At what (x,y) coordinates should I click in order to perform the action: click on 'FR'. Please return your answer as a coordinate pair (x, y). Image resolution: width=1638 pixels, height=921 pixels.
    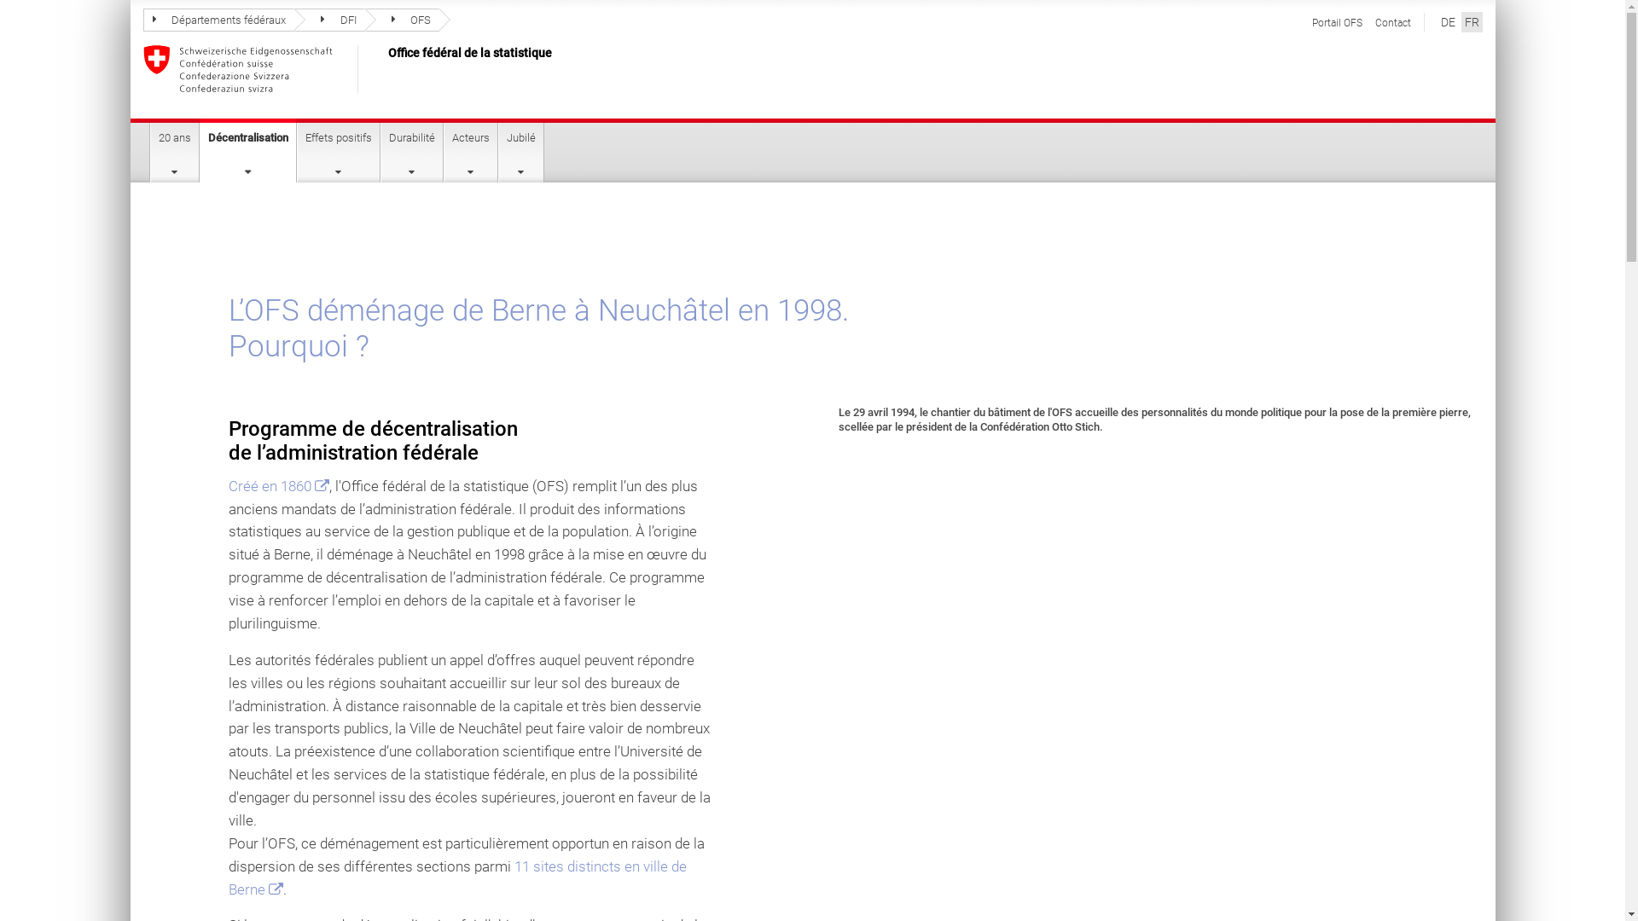
    Looking at the image, I should click on (1470, 22).